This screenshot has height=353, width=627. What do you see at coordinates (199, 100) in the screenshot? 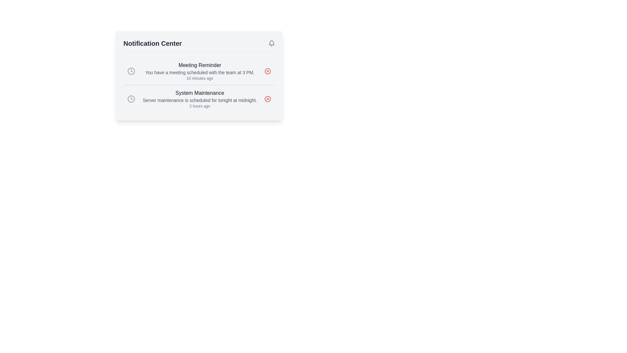
I see `text element that provides details about the server maintenance schedule, located between the title 'System Maintenance' and the timestamp '2 hours ago' in the 'Notification Center' panel` at bounding box center [199, 100].